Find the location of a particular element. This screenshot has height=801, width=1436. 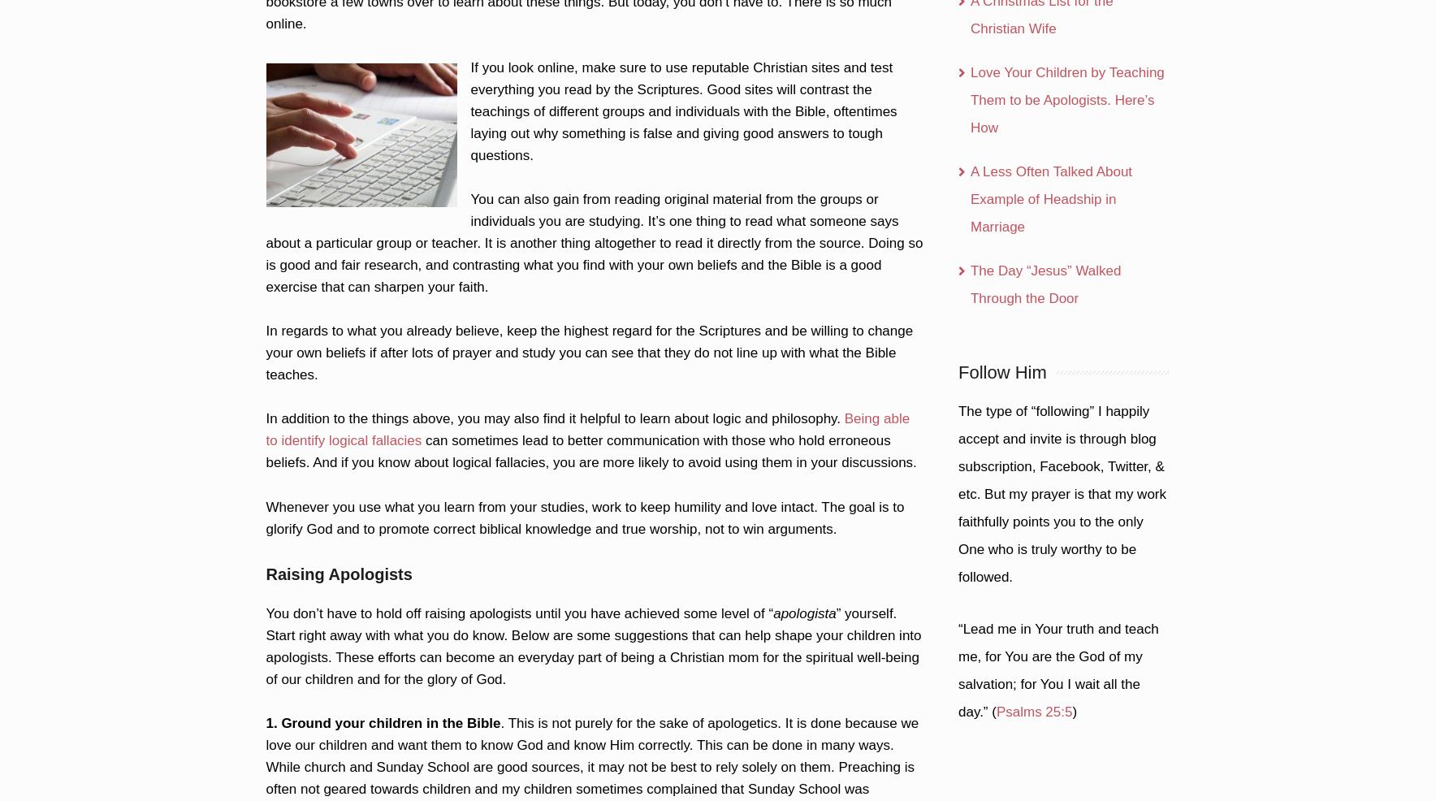

'You can also gain from reading original material from the groups or individuals you are studying. It’s one thing to read what someone says about a particular group or teacher. It is another thing altogether to read it directly from the source. Doing so is good and fair research, and contrasting what you find with your own beliefs and the Bible is a good exercise that can sharpen your faith.' is located at coordinates (594, 243).